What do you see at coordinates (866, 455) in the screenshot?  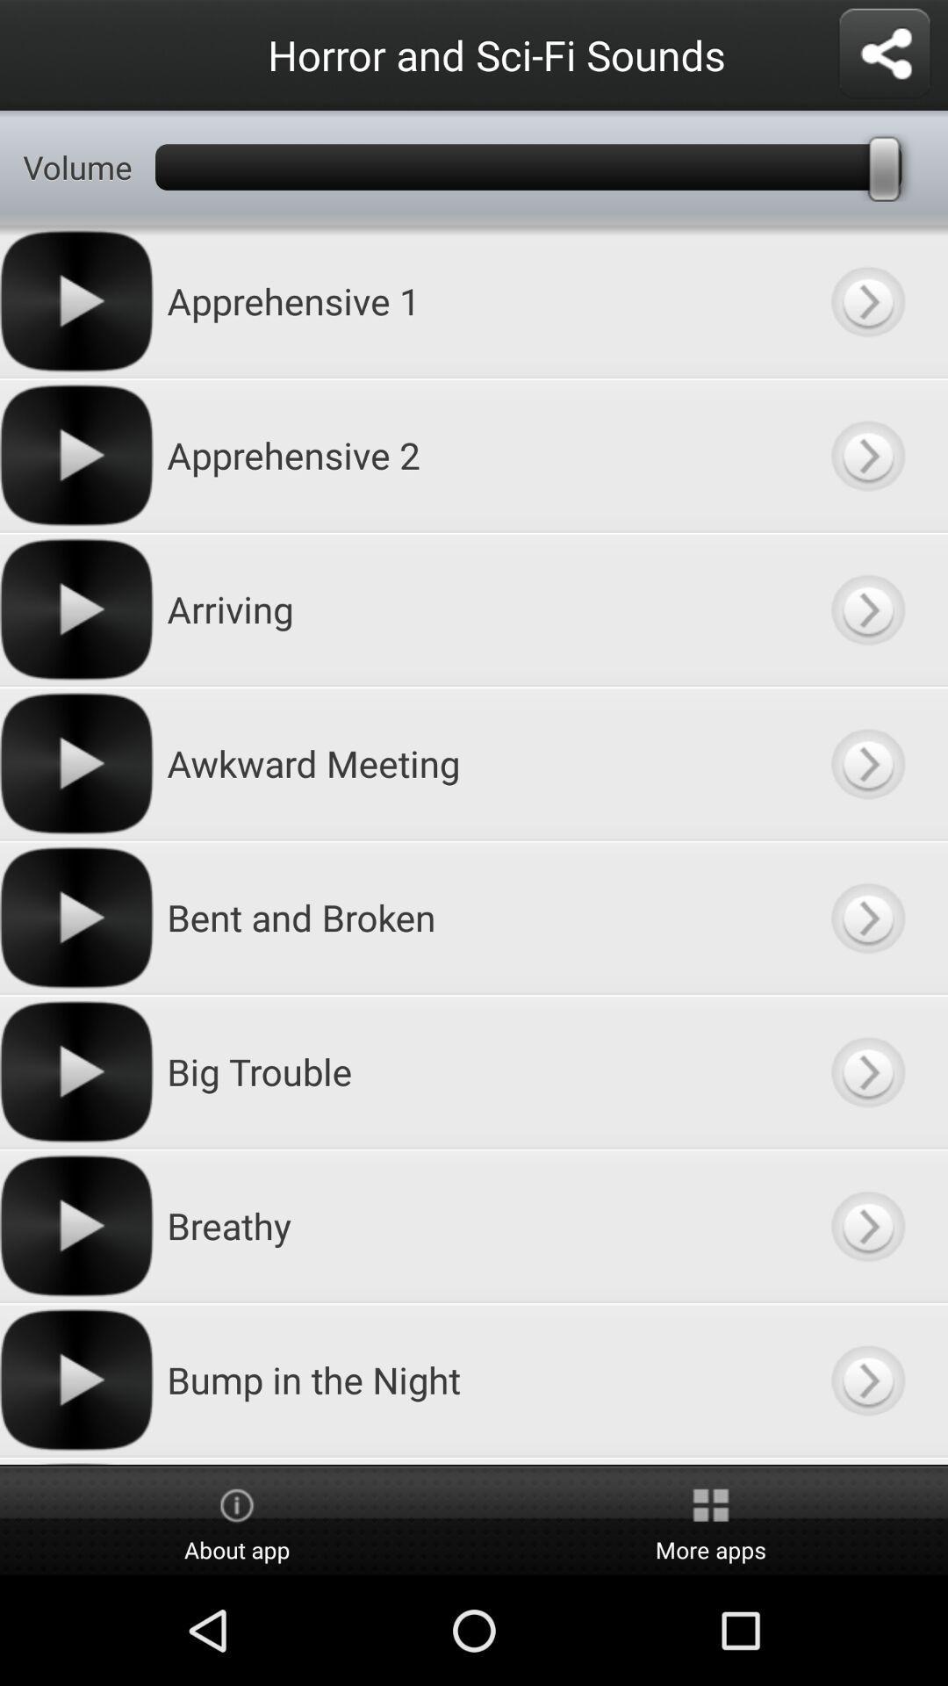 I see `soundbite` at bounding box center [866, 455].